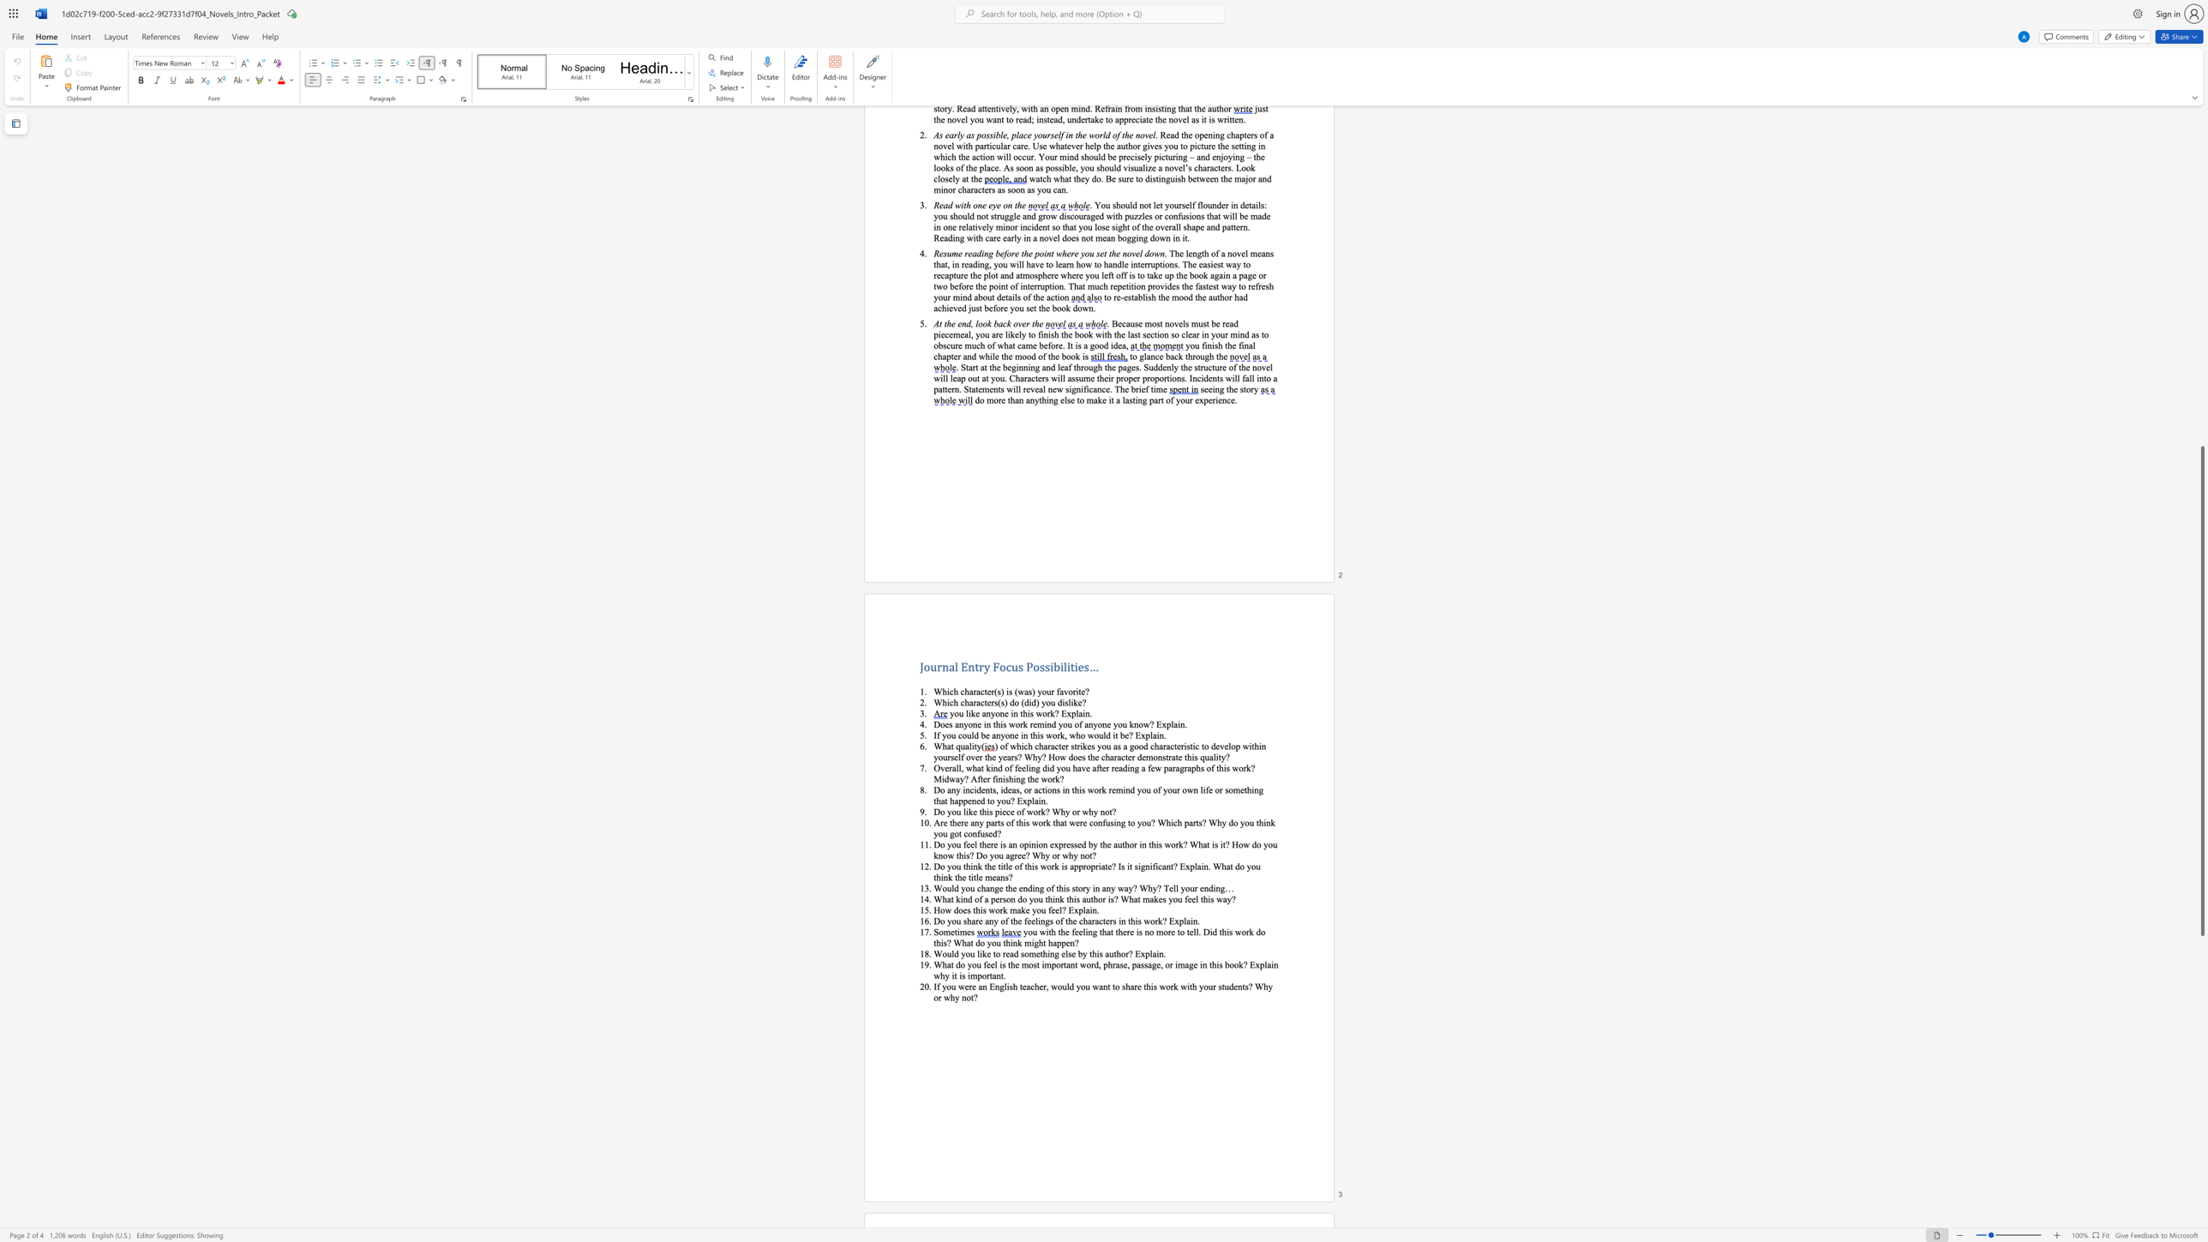  What do you see at coordinates (1185, 724) in the screenshot?
I see `the 1th character "." in the text` at bounding box center [1185, 724].